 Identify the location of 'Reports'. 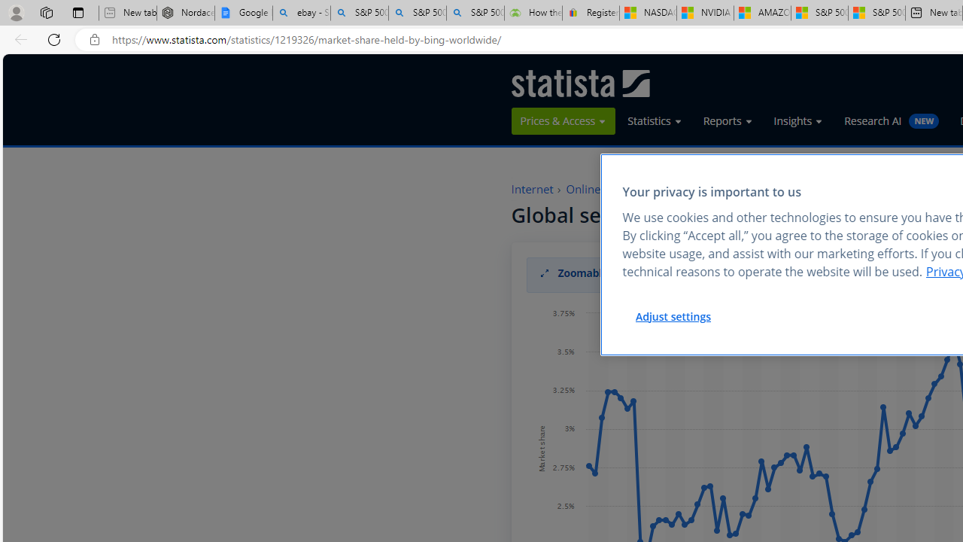
(728, 120).